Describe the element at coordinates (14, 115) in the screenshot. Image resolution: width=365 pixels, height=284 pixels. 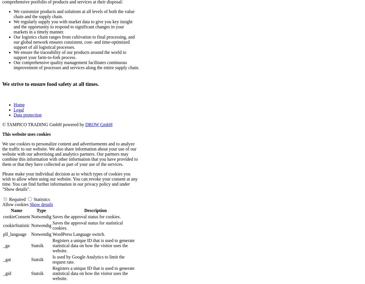
I see `'Data protection'` at that location.